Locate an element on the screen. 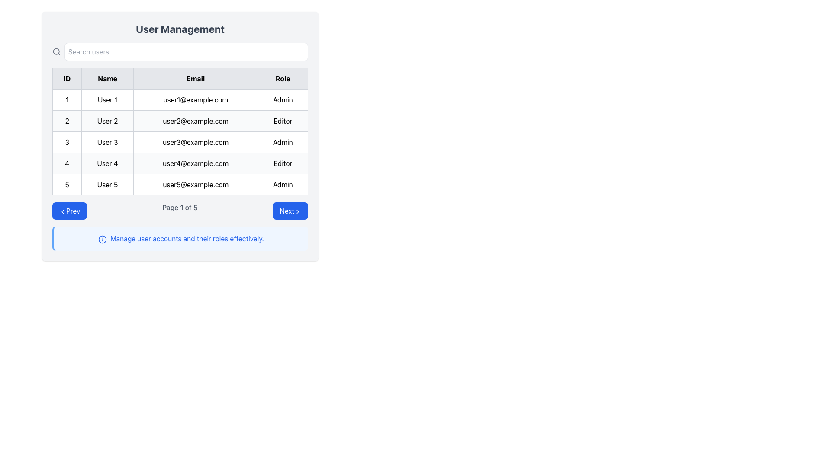 The height and width of the screenshot is (467, 831). the text label displaying the numerical character '2' in the 'ID' column of the user data table for 'User 2' is located at coordinates (67, 121).